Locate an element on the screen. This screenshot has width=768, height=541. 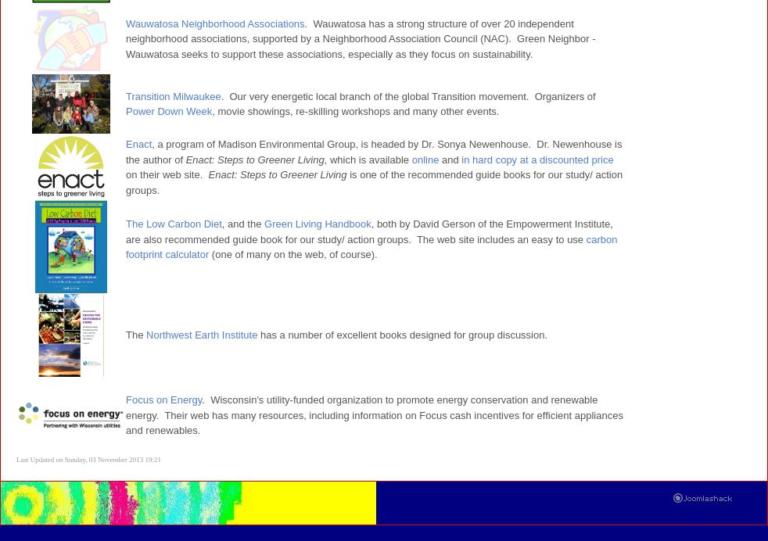
'carbon footprint calculator' is located at coordinates (125, 245).